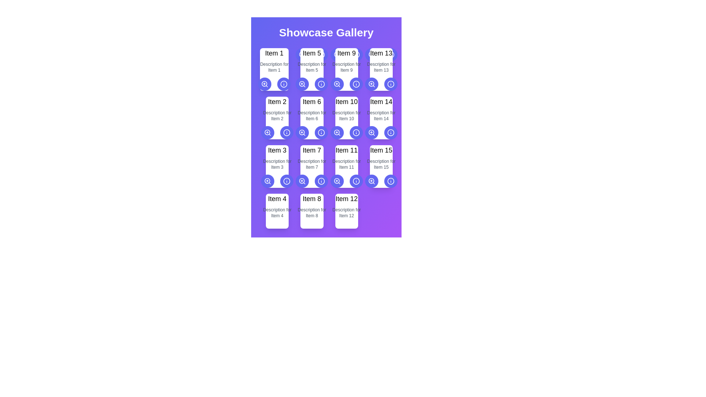 The image size is (706, 397). What do you see at coordinates (381, 116) in the screenshot?
I see `the text label that provides a brief description of 'Item 14', located beneath the title within the card structure` at bounding box center [381, 116].